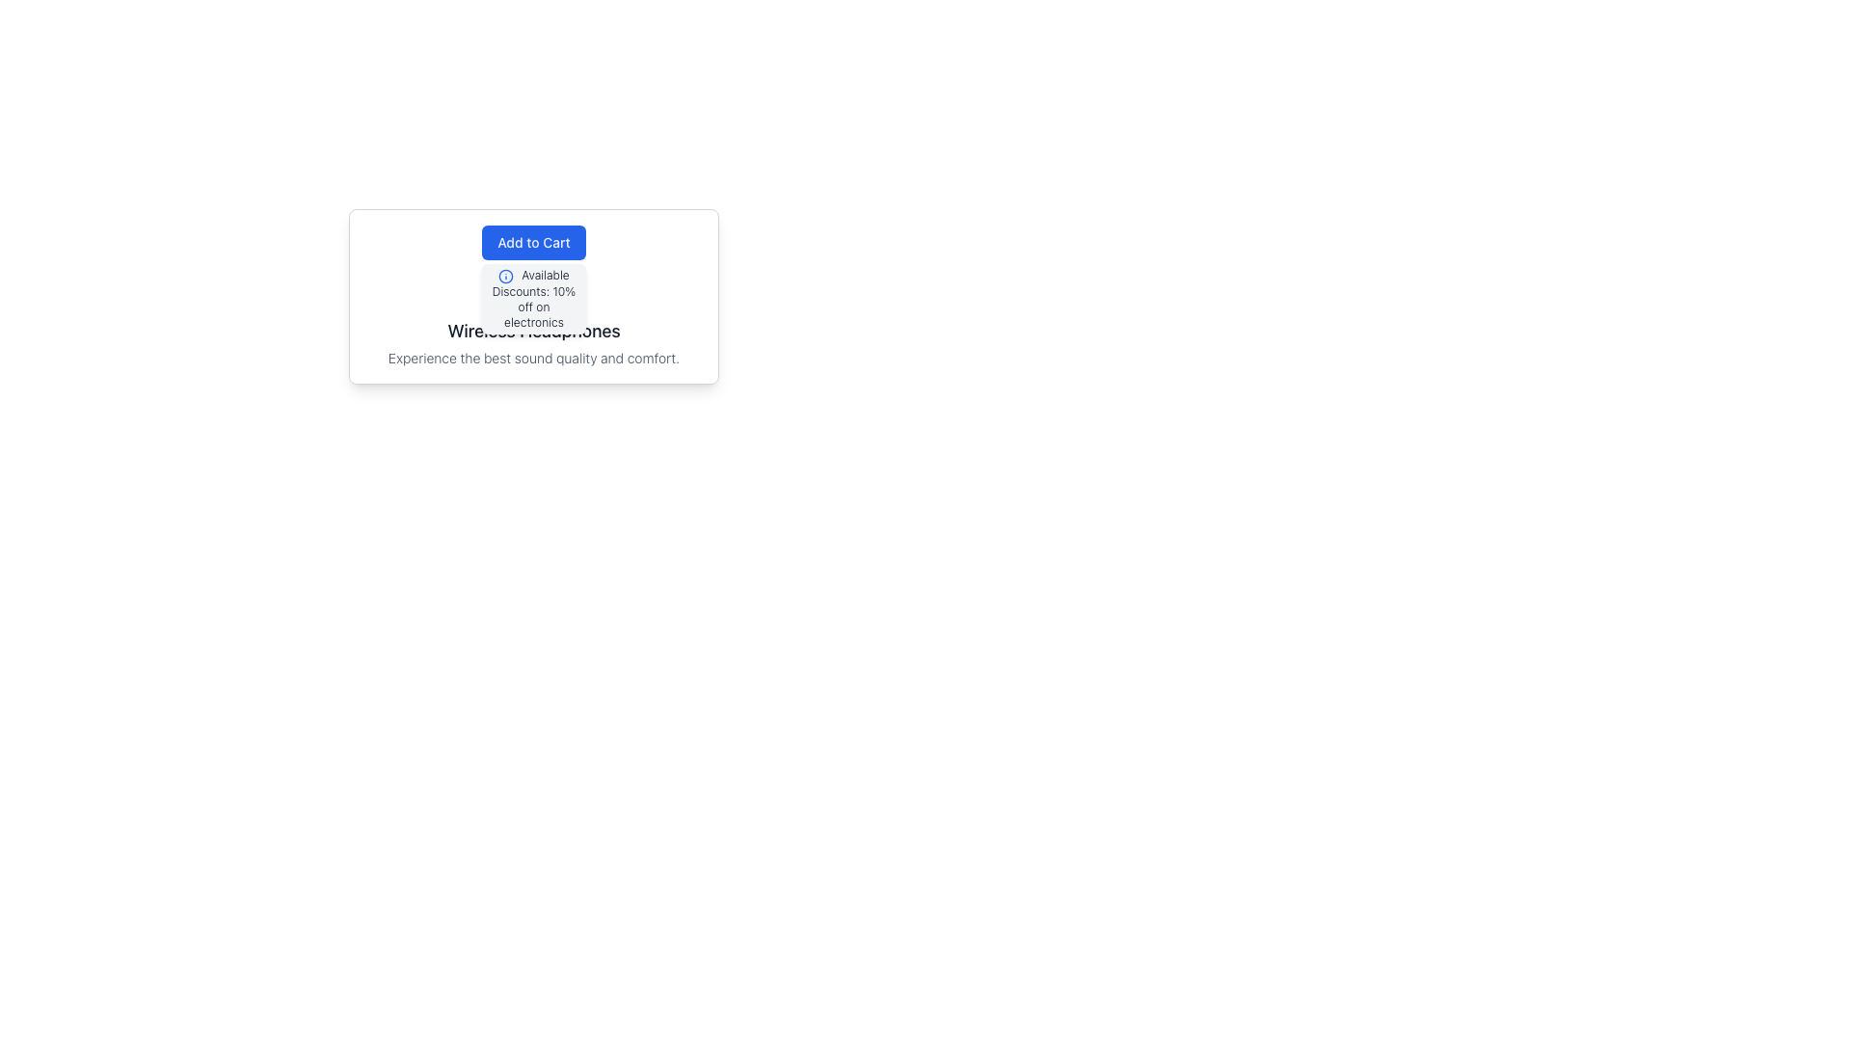 Image resolution: width=1851 pixels, height=1041 pixels. Describe the element at coordinates (533, 299) in the screenshot. I see `the tooltip providing additional information about discounts on electronics, located directly beneath the 'Add to Cart' button` at that location.